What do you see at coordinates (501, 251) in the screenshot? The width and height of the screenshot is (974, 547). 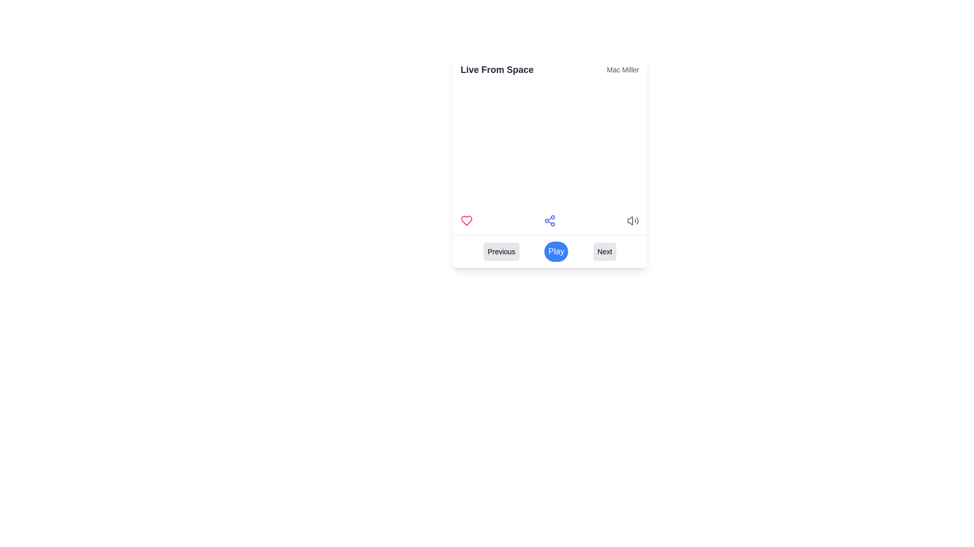 I see `the first button in the horizontal layout at the bottom of the interface` at bounding box center [501, 251].